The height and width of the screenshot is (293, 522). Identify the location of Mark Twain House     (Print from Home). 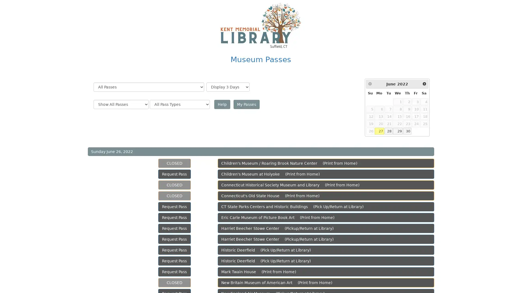
(326, 272).